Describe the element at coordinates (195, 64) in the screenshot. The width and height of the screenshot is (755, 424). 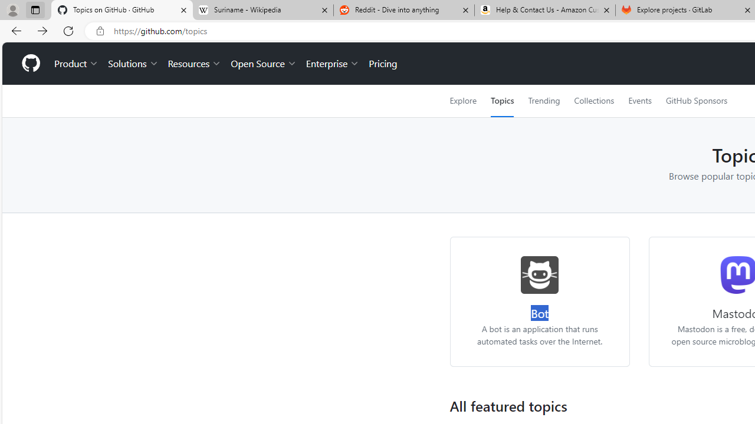
I see `'Resources'` at that location.